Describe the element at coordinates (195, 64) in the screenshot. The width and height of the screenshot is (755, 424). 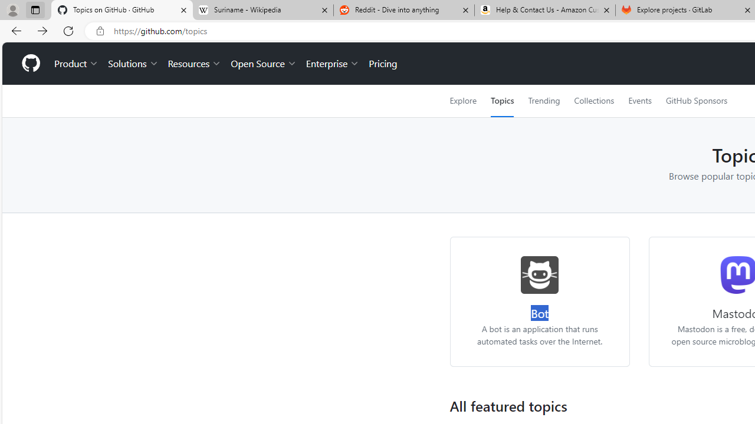
I see `'Resources'` at that location.